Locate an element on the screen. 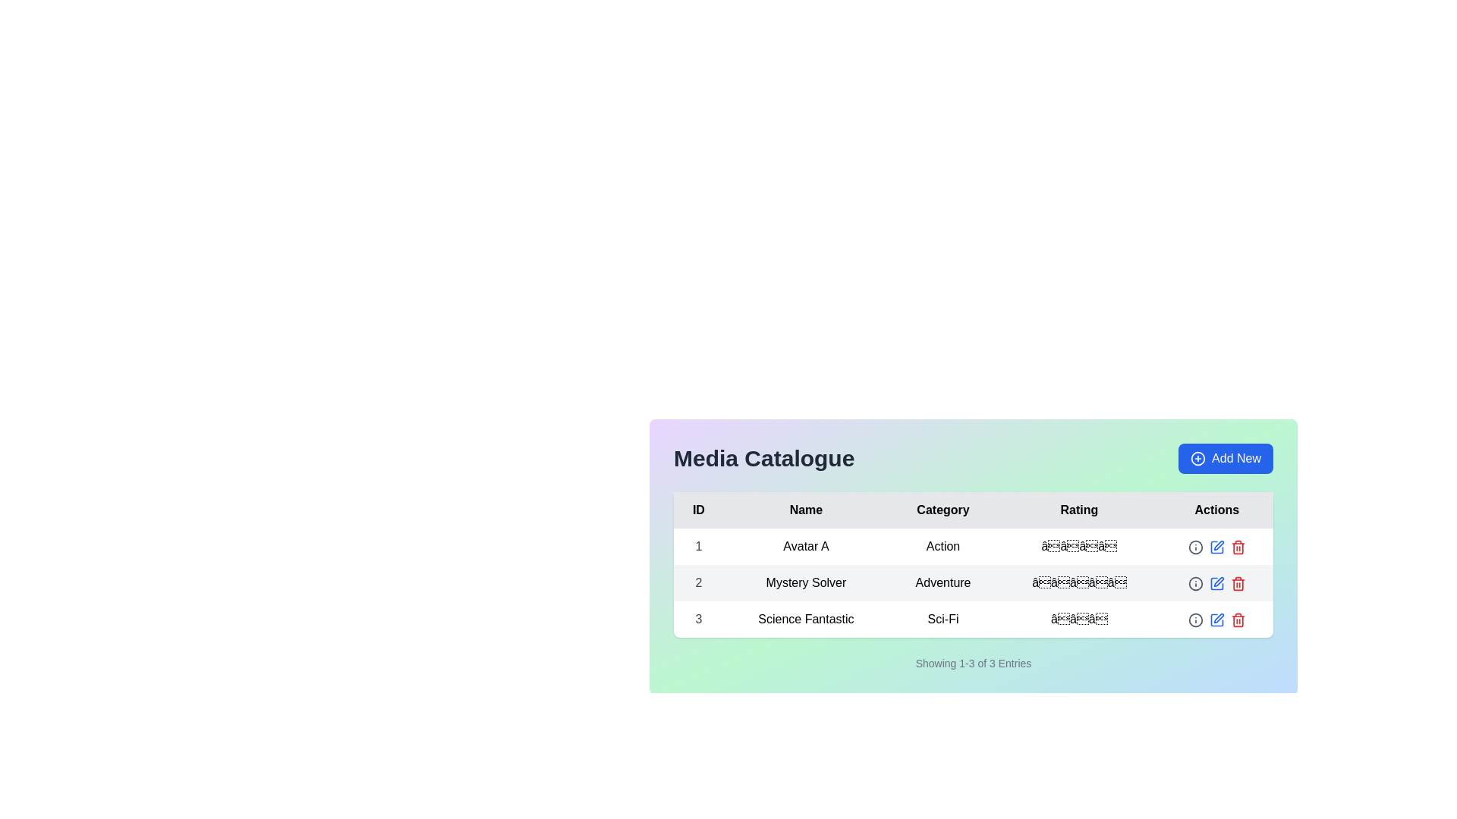 The height and width of the screenshot is (819, 1457). the red trash icon button in the 'Actions' column of the second row is located at coordinates (1238, 582).